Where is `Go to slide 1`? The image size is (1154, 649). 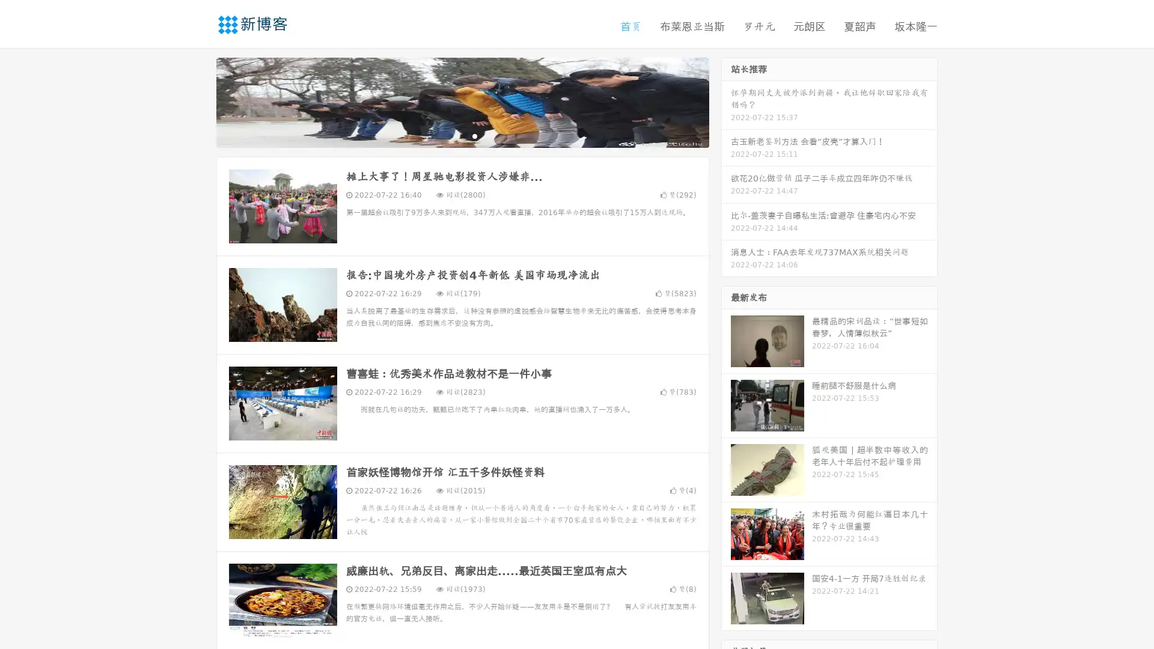
Go to slide 1 is located at coordinates (450, 135).